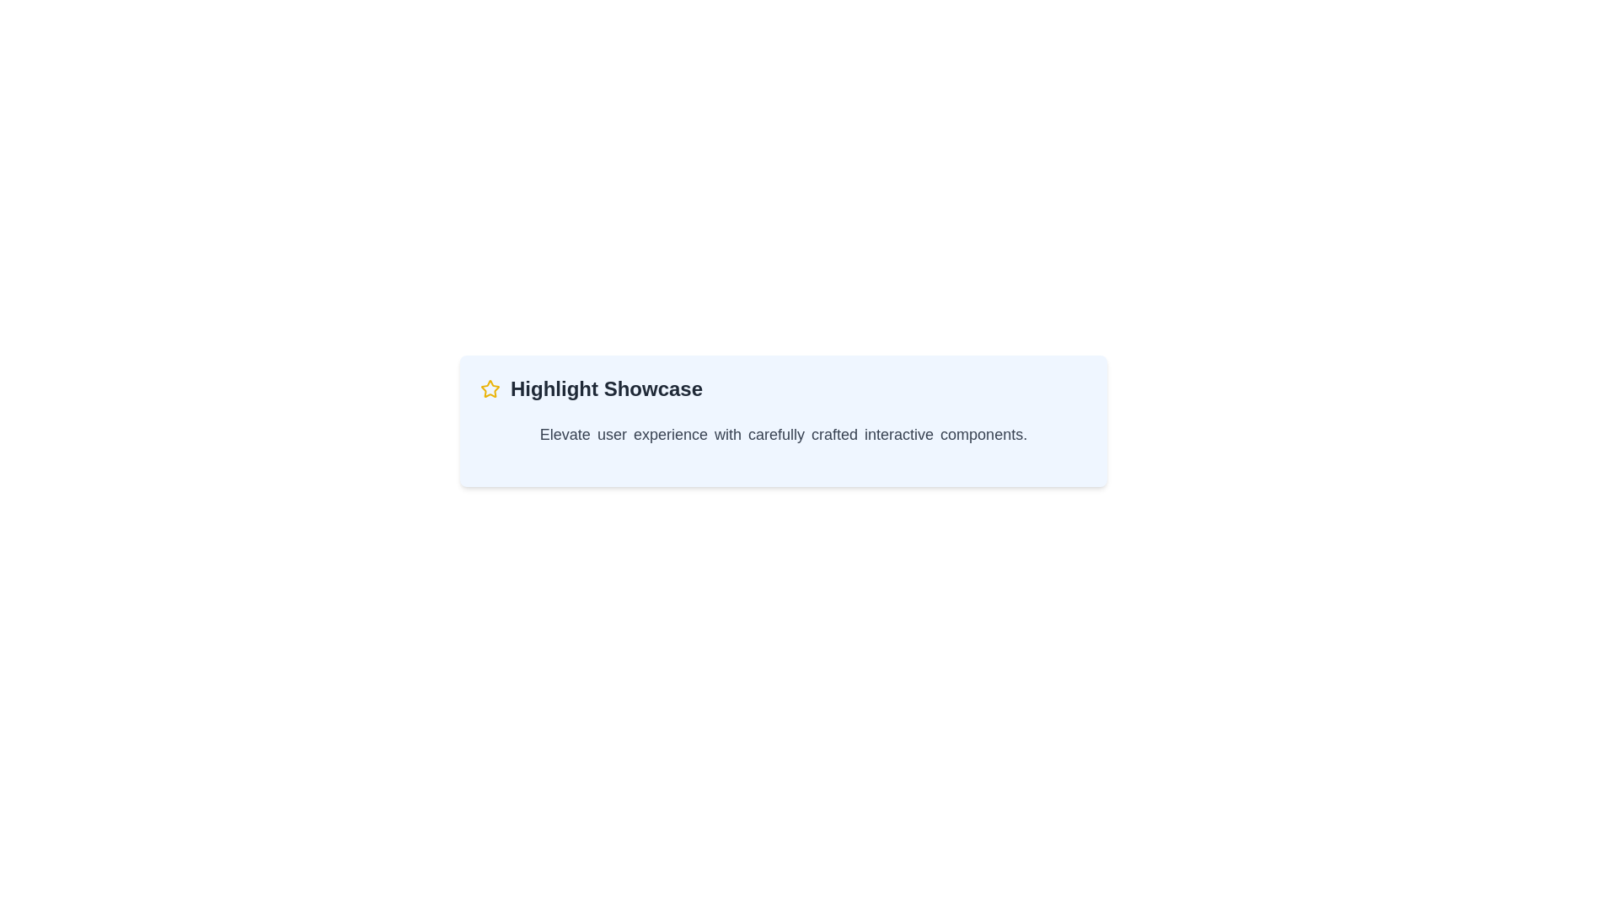 This screenshot has height=910, width=1618. What do you see at coordinates (611, 434) in the screenshot?
I see `the text span displaying the word 'user' in a dark font, which is the second word in the phrase 'Elevate user experience with carefully crafted interactive components.'` at bounding box center [611, 434].